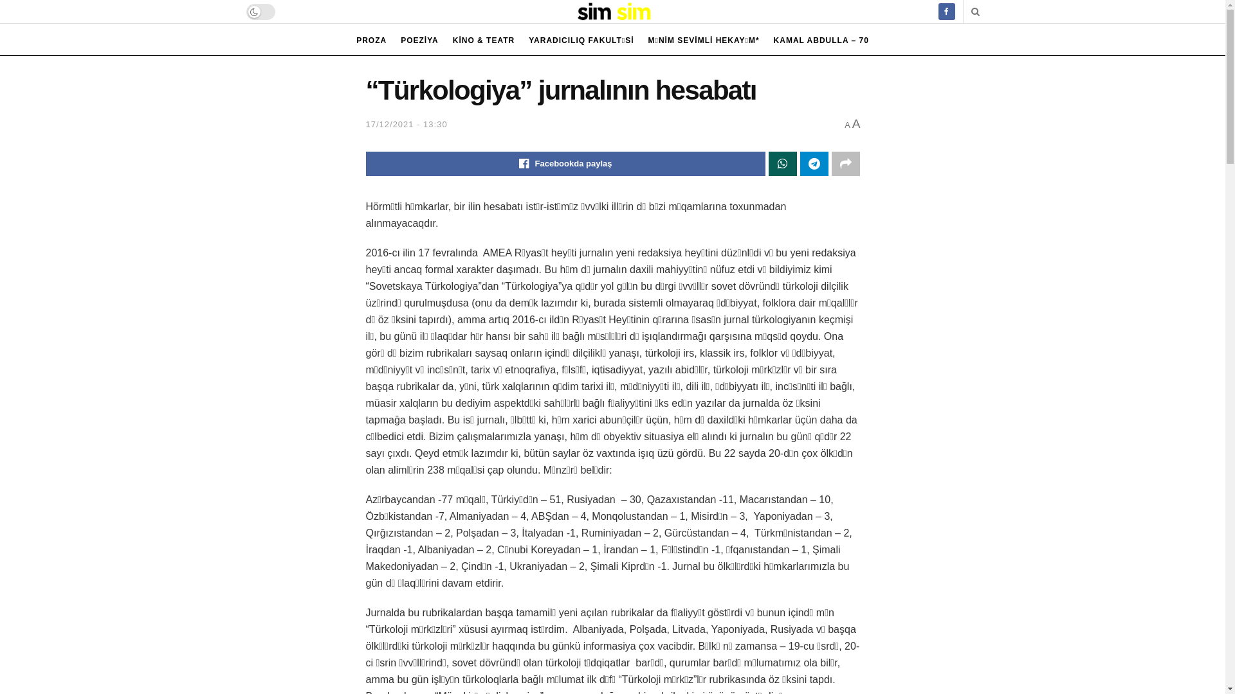 Image resolution: width=1235 pixels, height=694 pixels. What do you see at coordinates (419, 39) in the screenshot?
I see `'POEZIYA'` at bounding box center [419, 39].